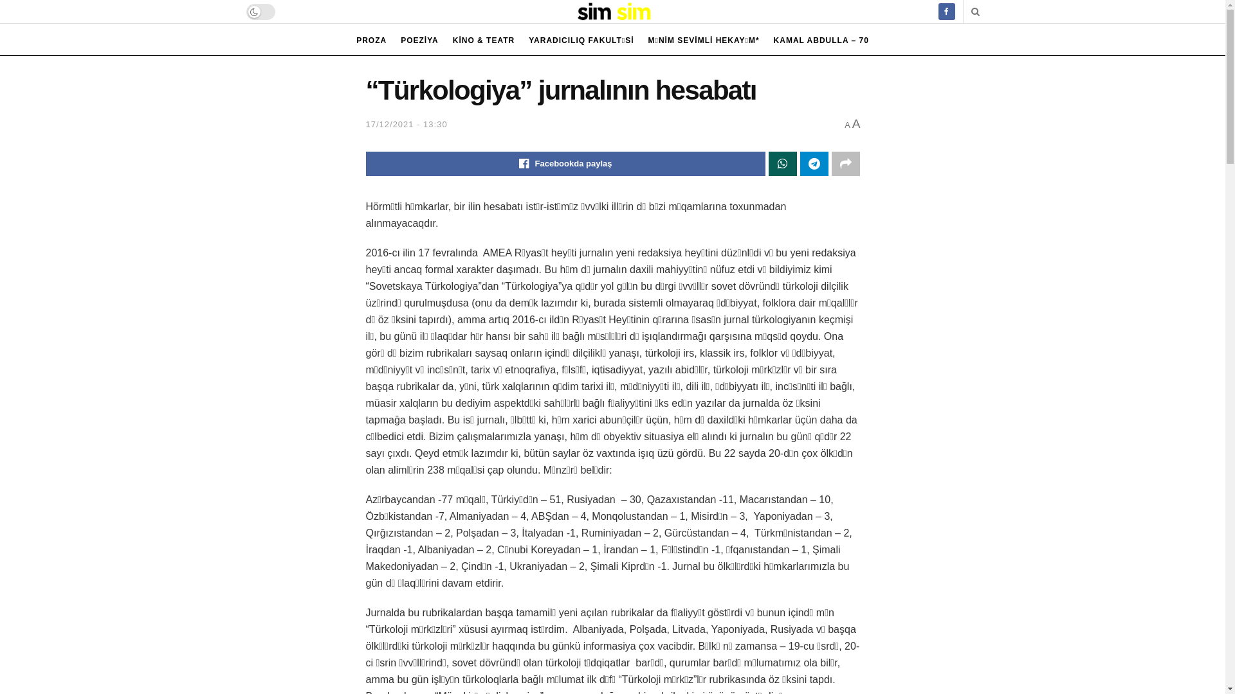 Image resolution: width=1235 pixels, height=694 pixels. What do you see at coordinates (419, 39) in the screenshot?
I see `'POEZIYA'` at bounding box center [419, 39].